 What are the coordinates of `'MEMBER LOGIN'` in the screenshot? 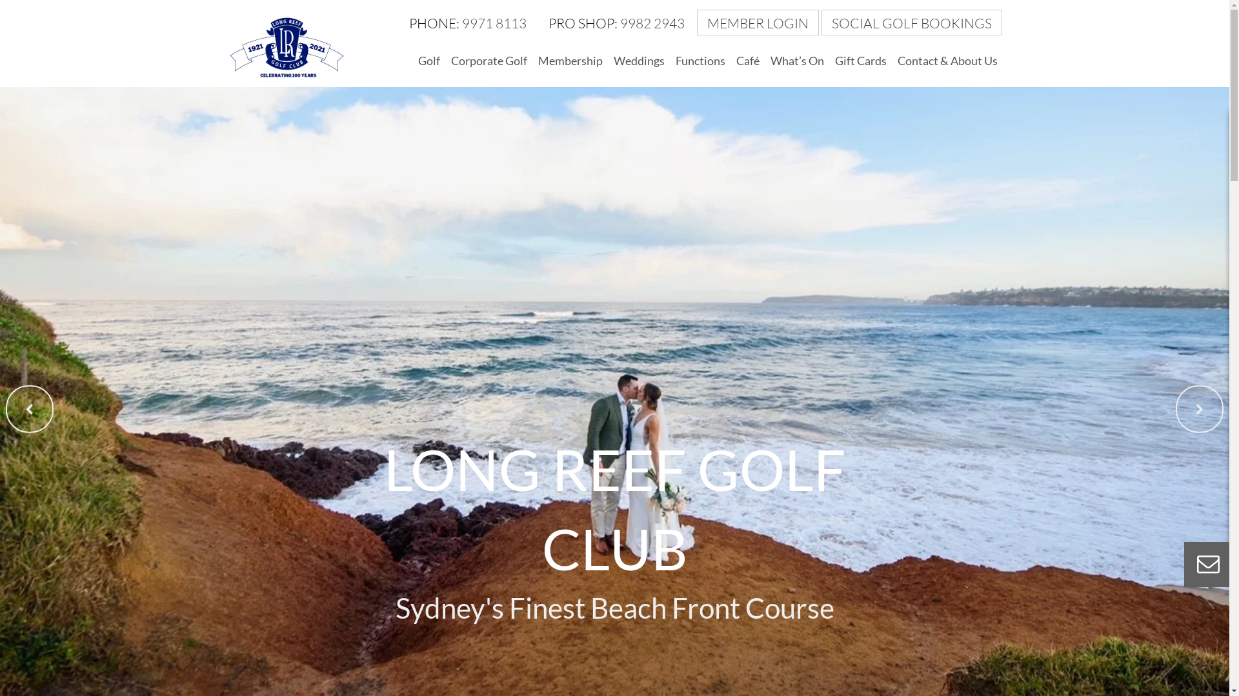 It's located at (759, 23).